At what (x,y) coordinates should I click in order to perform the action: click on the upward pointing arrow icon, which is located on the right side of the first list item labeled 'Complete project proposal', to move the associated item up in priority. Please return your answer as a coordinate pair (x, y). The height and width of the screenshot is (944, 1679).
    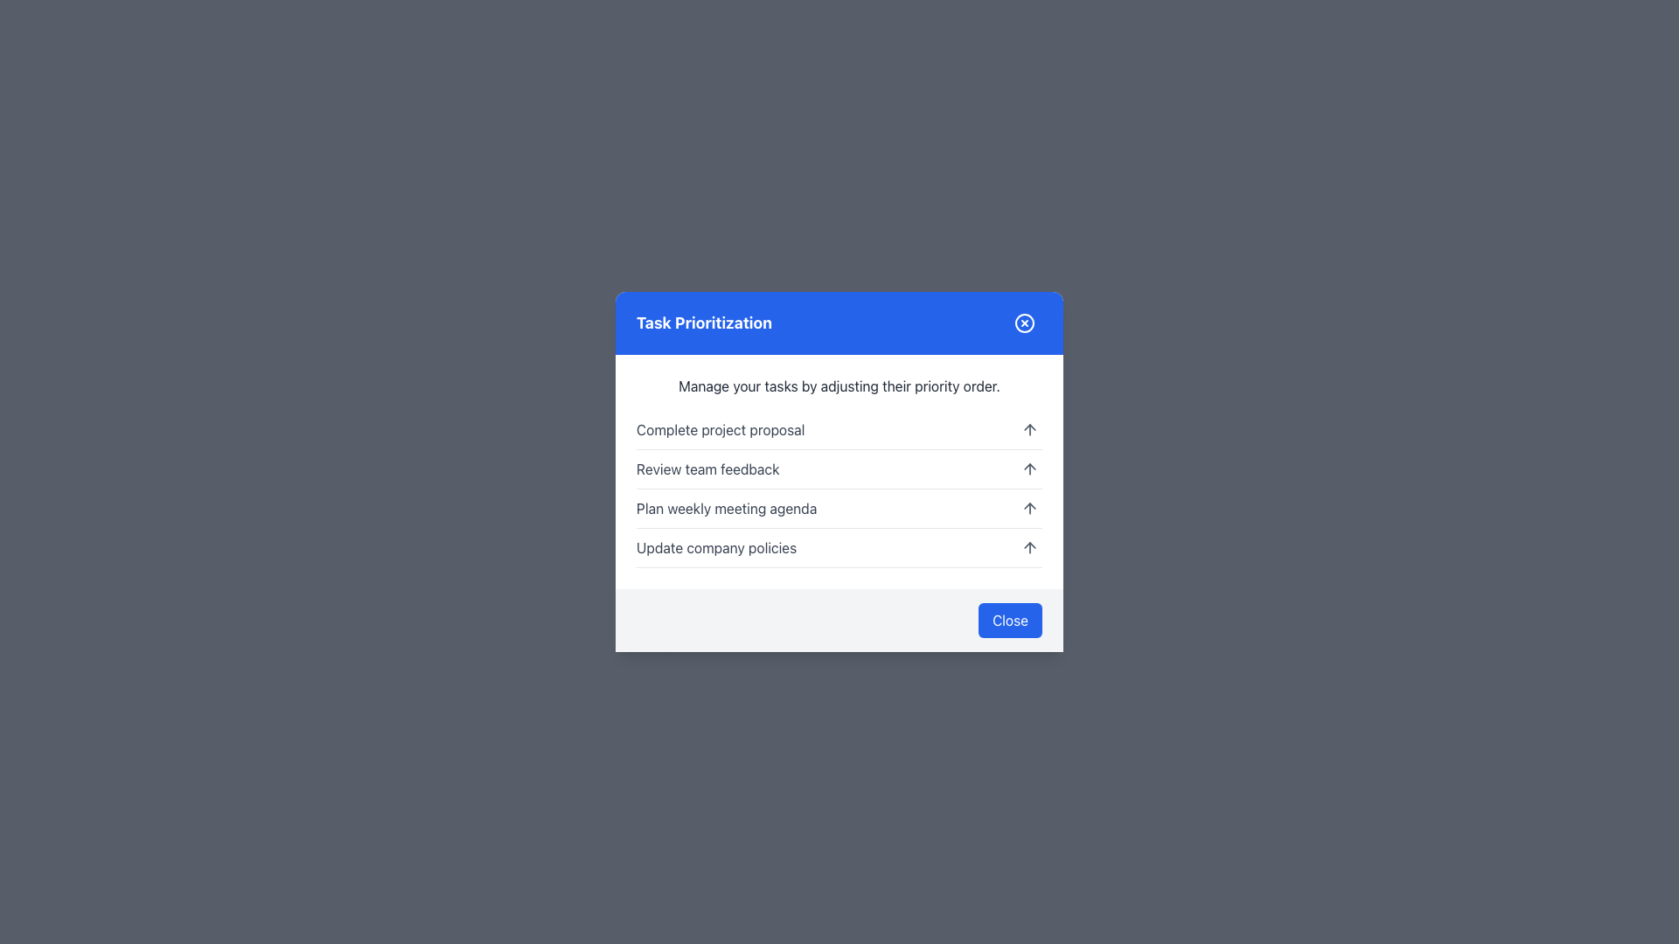
    Looking at the image, I should click on (1029, 430).